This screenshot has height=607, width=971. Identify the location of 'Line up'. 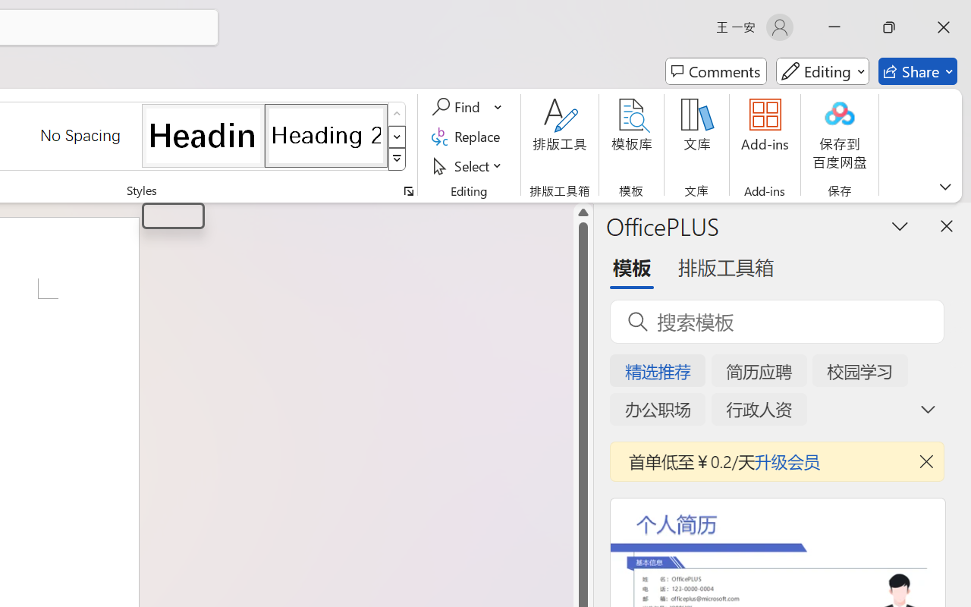
(583, 212).